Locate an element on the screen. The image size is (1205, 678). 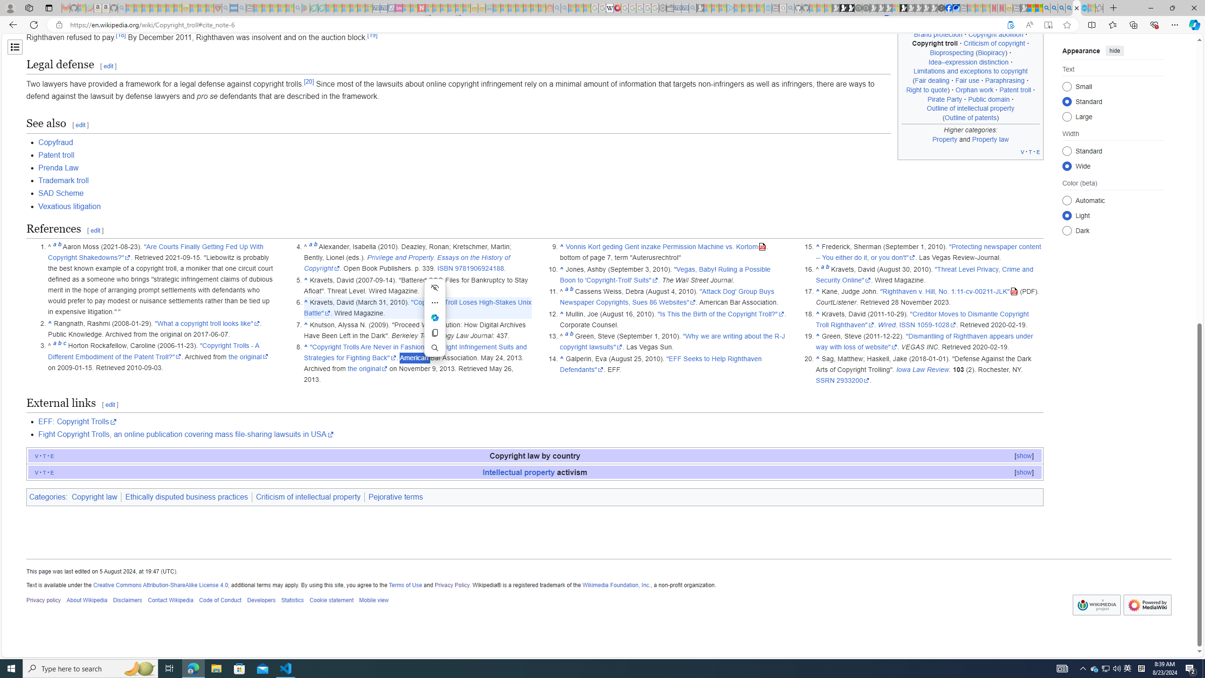
'Vexatious litigation' is located at coordinates (69, 205).